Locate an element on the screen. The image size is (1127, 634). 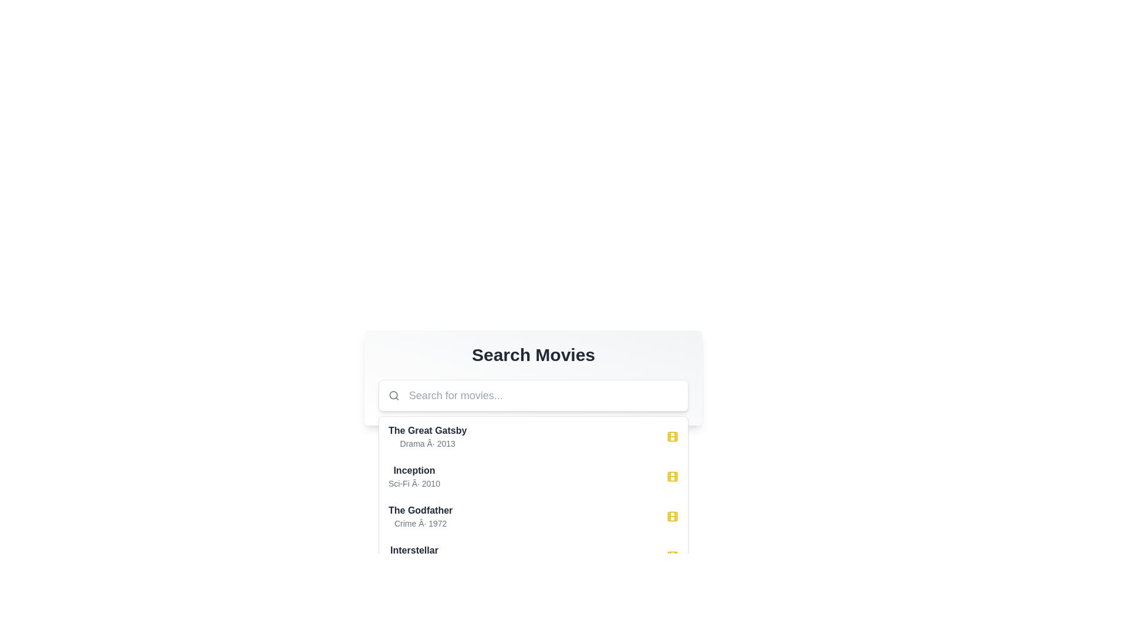
small rectangular shape with rounded corners that is part of the yellow-colored film grid icon next to 'The Godfather' movie item by opening the developer tools is located at coordinates (673, 515).